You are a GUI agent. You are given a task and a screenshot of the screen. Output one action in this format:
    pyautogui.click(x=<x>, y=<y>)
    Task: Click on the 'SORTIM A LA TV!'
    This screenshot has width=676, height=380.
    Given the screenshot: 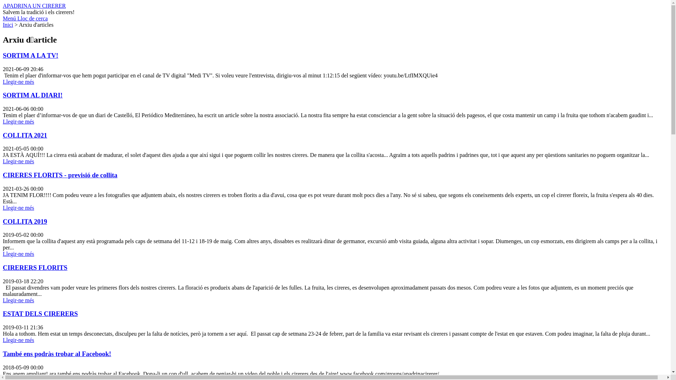 What is the action you would take?
    pyautogui.click(x=30, y=55)
    